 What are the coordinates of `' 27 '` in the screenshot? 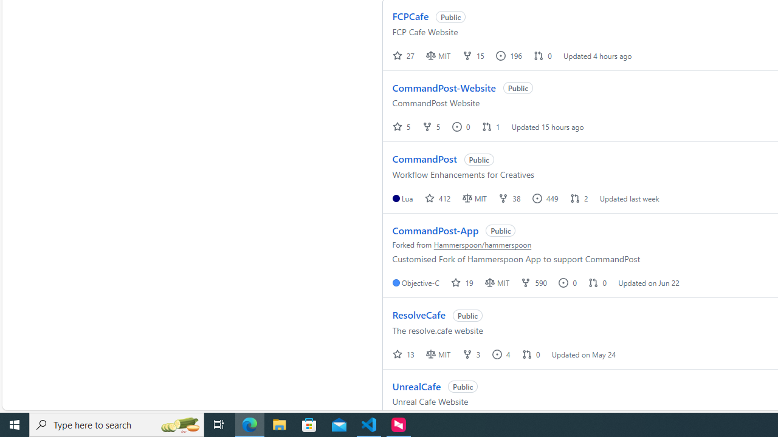 It's located at (404, 55).